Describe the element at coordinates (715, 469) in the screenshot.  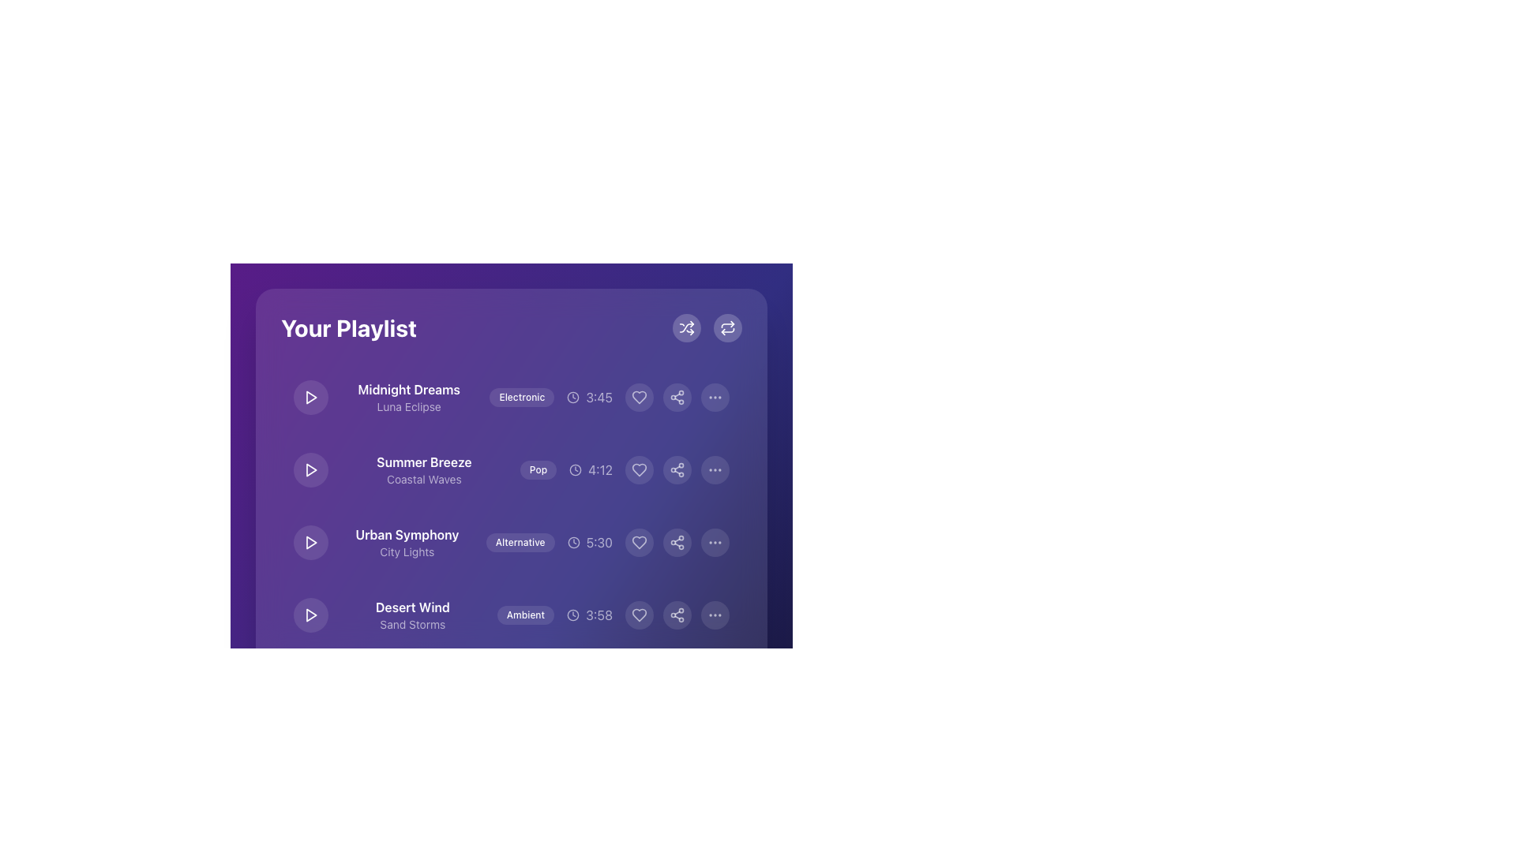
I see `the ellipsis icon within the button associated with the 'Summer Breeze' playlist` at that location.